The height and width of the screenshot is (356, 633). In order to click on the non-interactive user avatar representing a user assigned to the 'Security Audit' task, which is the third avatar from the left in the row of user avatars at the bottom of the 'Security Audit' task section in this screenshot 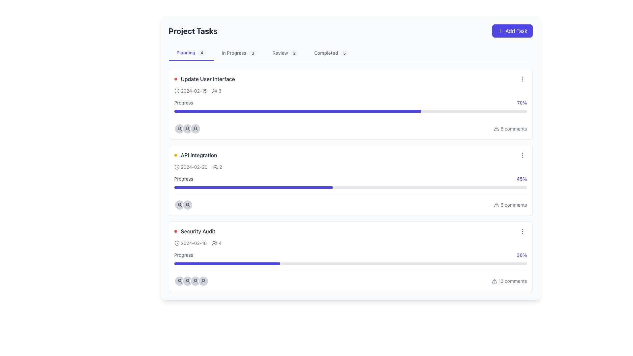, I will do `click(195, 281)`.